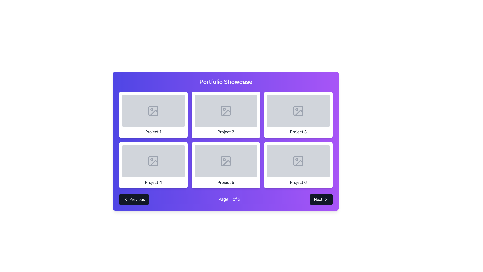 Image resolution: width=483 pixels, height=272 pixels. Describe the element at coordinates (153, 161) in the screenshot. I see `the decorative visual element that is part of the image icon in the fourth project card, located in the second row, first column of the project grid` at that location.